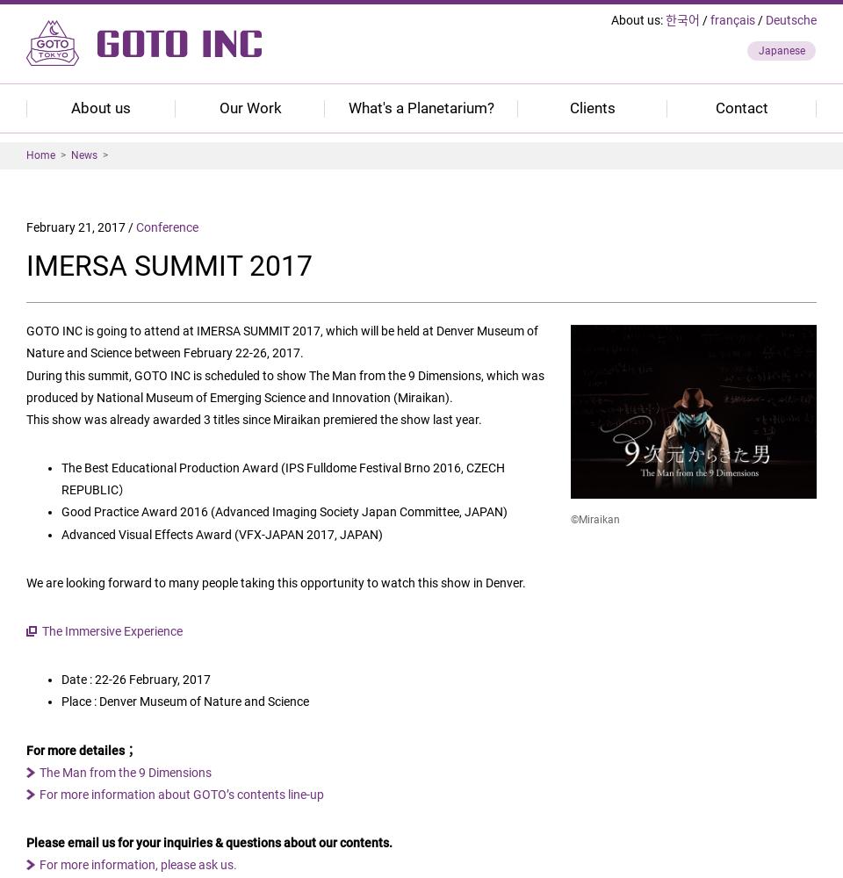 The image size is (843, 878). What do you see at coordinates (283, 479) in the screenshot?
I see `'The Best Educational Production Award (IPS Fulldome Festival Brno 2016, CZECH REPUBLIC）'` at bounding box center [283, 479].